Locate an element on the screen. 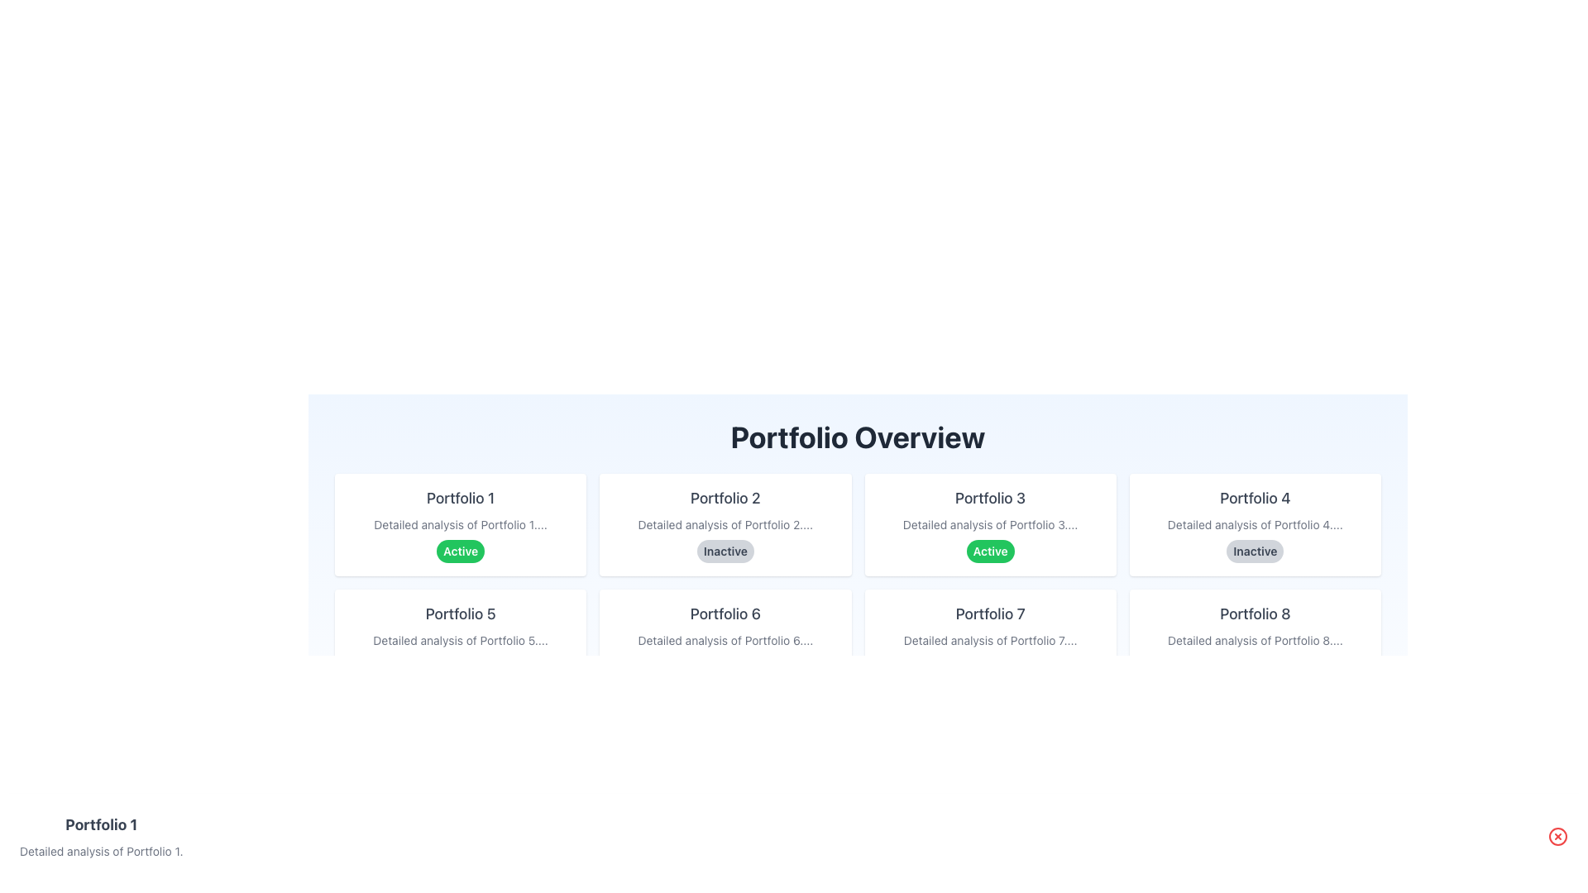  text block containing 'Detailed analysis of Portfolio 4....' located below the header 'Portfolio 4' and above the 'Inactive' badge in the fourth card of the 'Portfolio Overview' section is located at coordinates (1255, 525).